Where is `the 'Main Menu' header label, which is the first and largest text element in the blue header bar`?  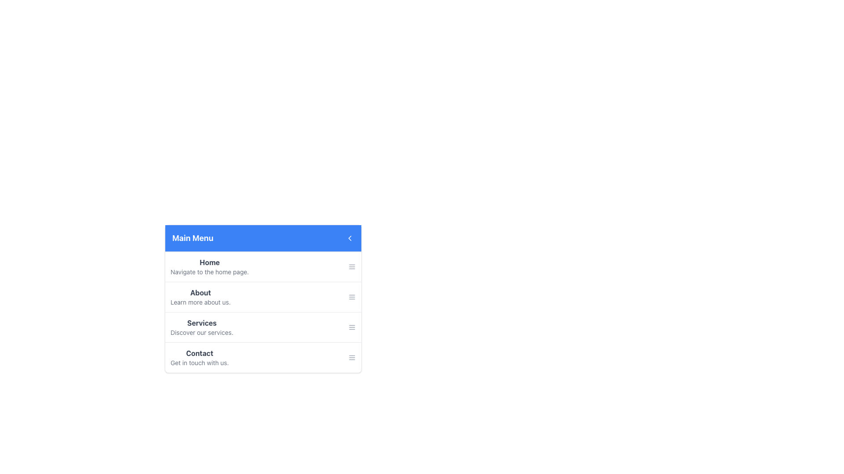
the 'Main Menu' header label, which is the first and largest text element in the blue header bar is located at coordinates (192, 238).